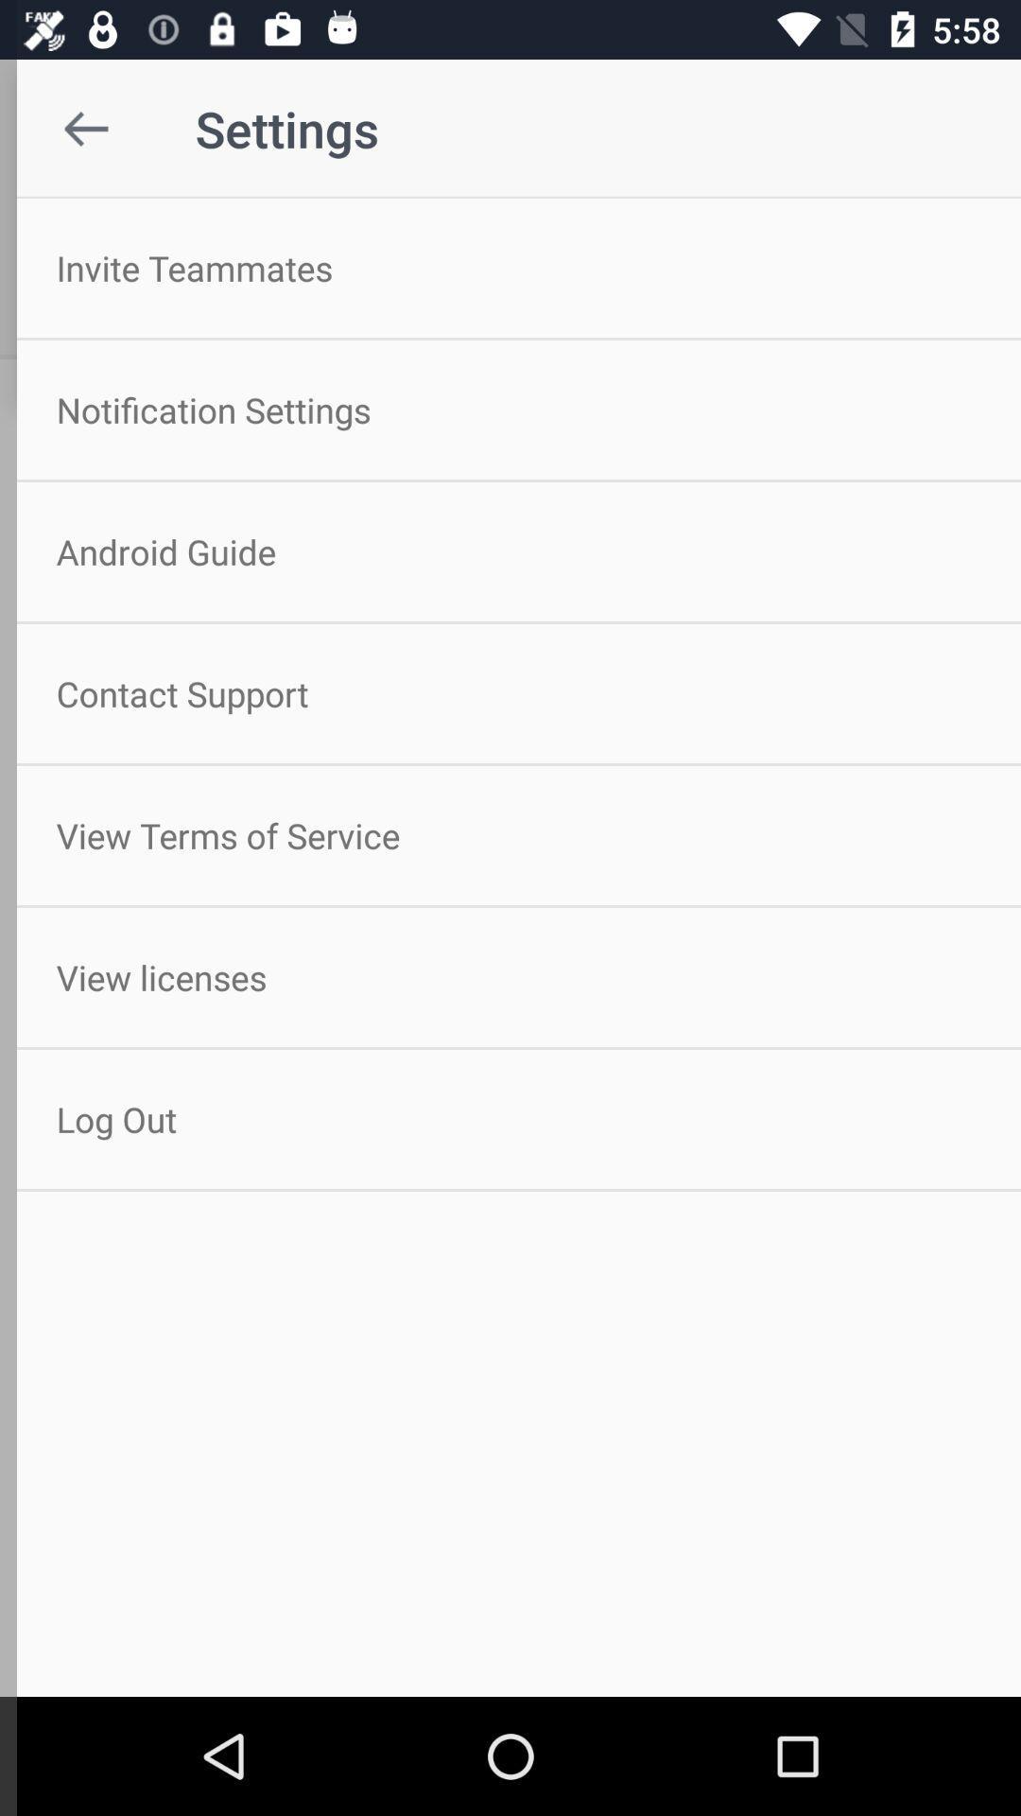 This screenshot has width=1021, height=1816. I want to click on contact support item, so click(510, 692).